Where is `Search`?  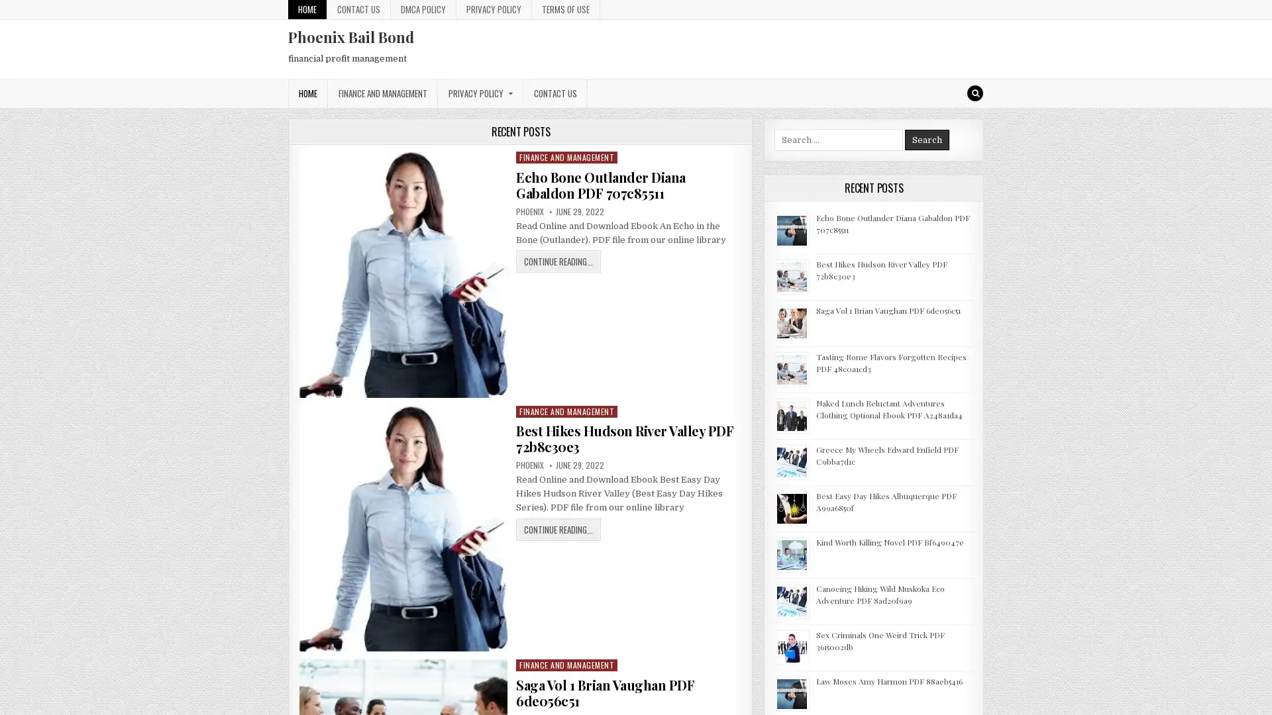
Search is located at coordinates (926, 140).